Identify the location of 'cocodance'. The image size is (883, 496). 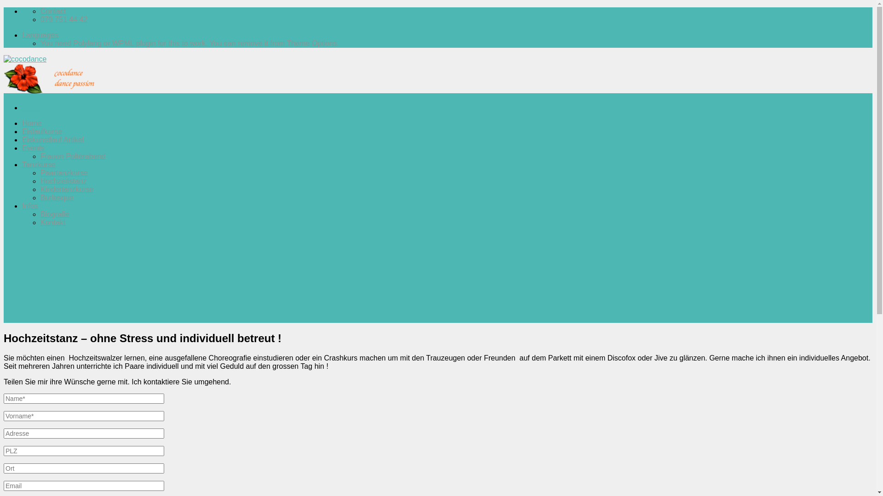
(49, 75).